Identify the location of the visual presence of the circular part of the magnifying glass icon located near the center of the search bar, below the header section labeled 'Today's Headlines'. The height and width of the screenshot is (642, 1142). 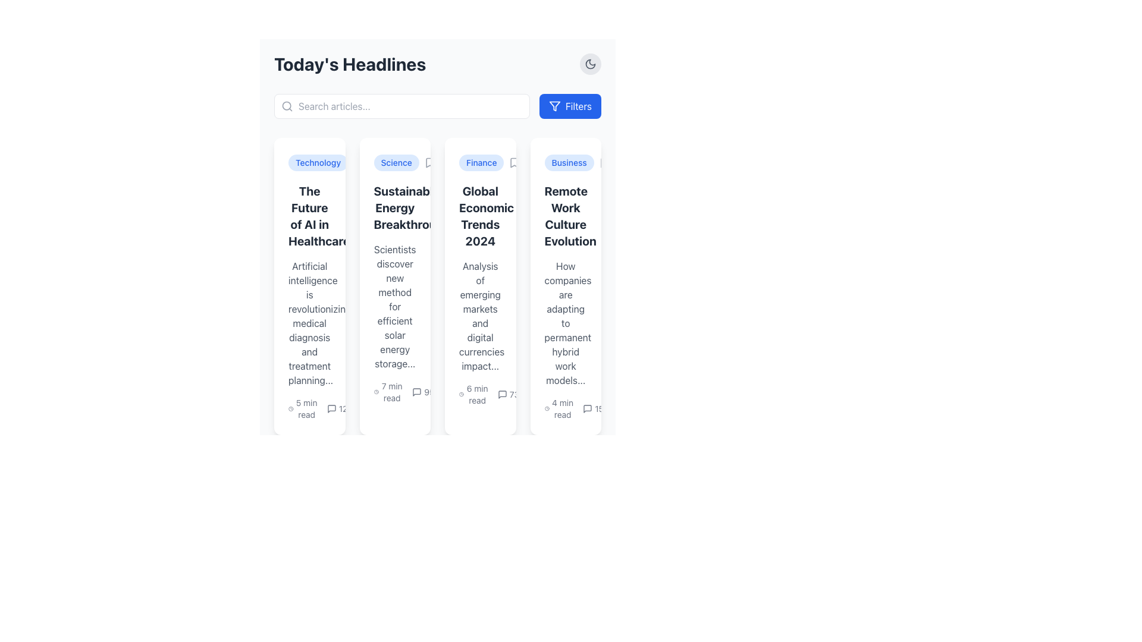
(287, 105).